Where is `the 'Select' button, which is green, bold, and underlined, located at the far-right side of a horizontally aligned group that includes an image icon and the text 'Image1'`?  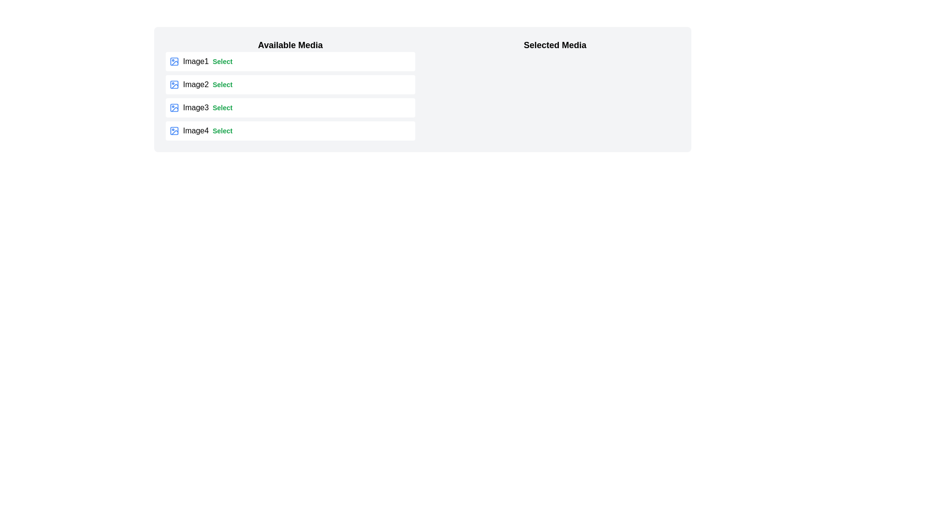 the 'Select' button, which is green, bold, and underlined, located at the far-right side of a horizontally aligned group that includes an image icon and the text 'Image1' is located at coordinates (222, 61).